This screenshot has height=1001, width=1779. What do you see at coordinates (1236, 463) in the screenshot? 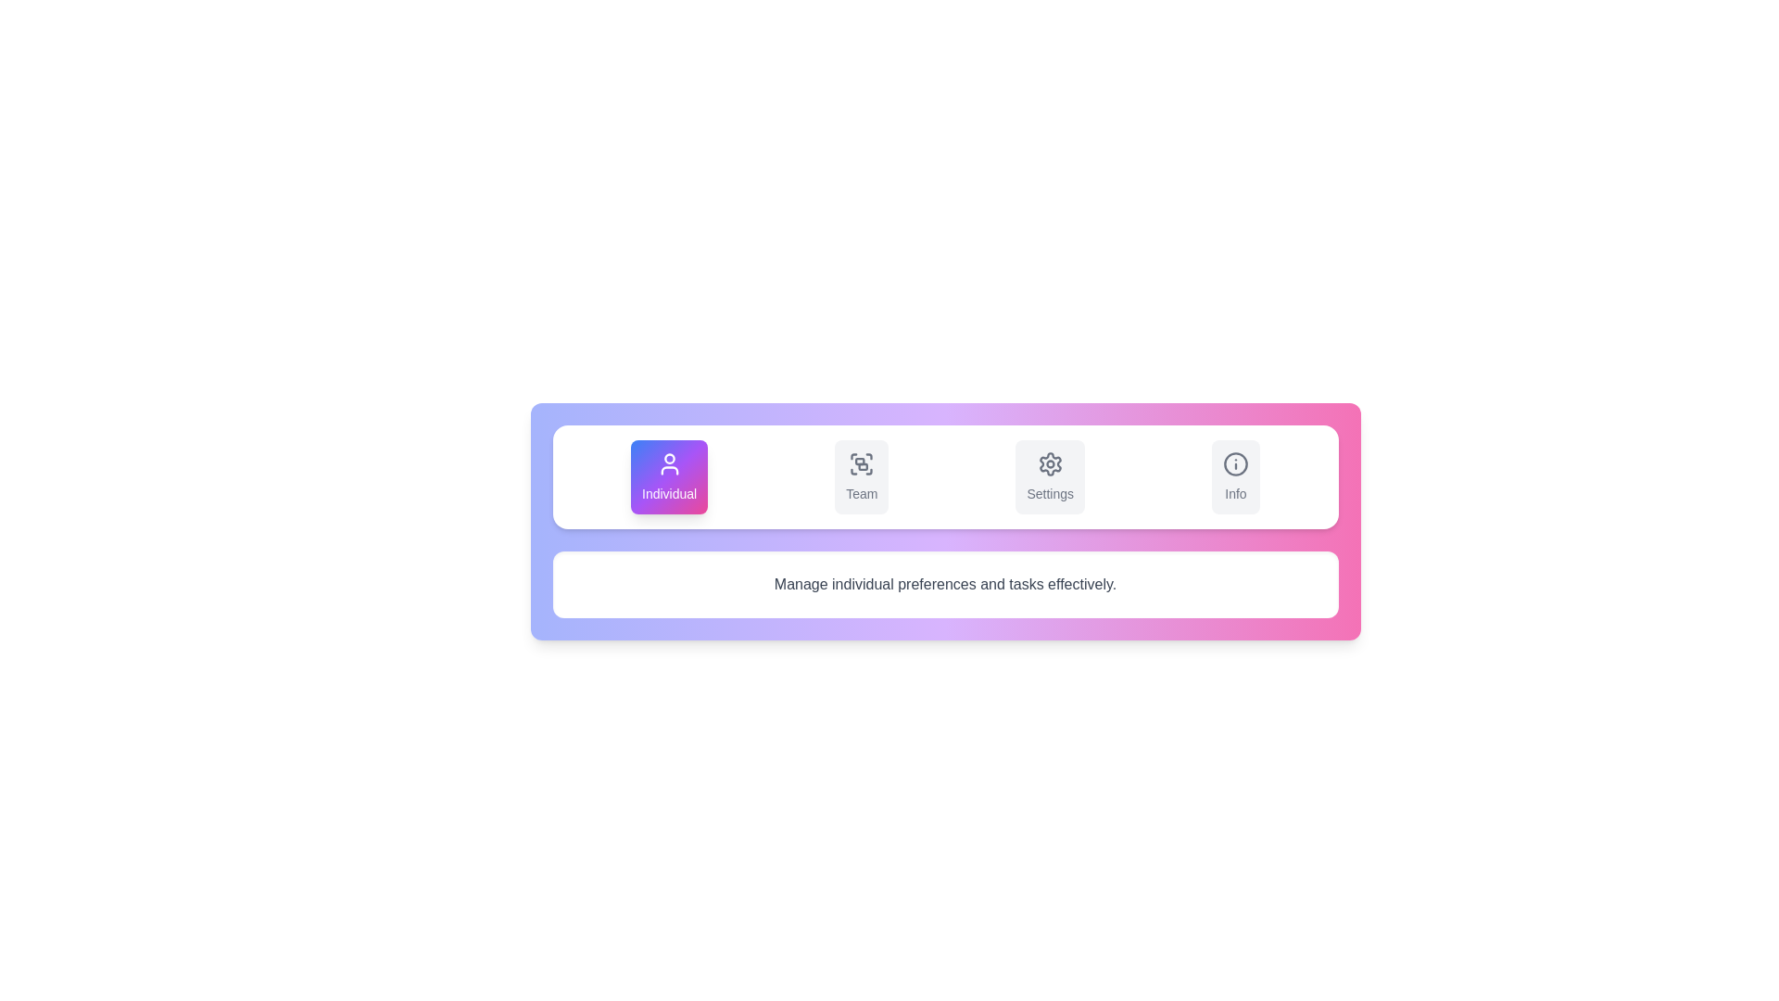
I see `the circular outline of the information icon located at the far-right of the top bar of buttons` at bounding box center [1236, 463].